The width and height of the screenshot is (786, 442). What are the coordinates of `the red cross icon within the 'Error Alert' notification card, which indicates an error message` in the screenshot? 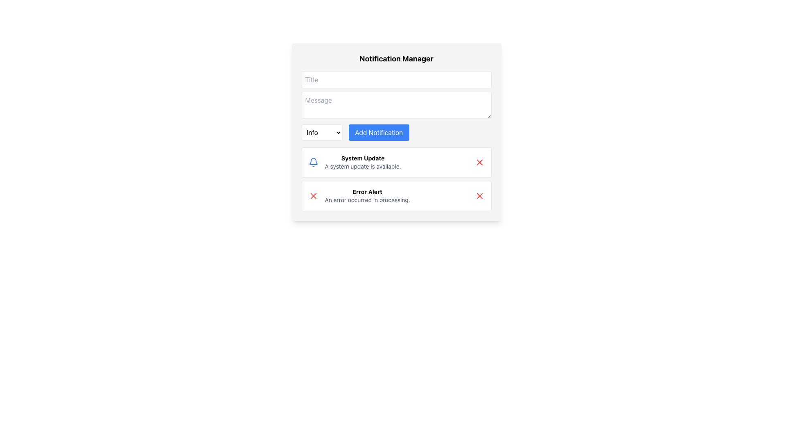 It's located at (313, 196).